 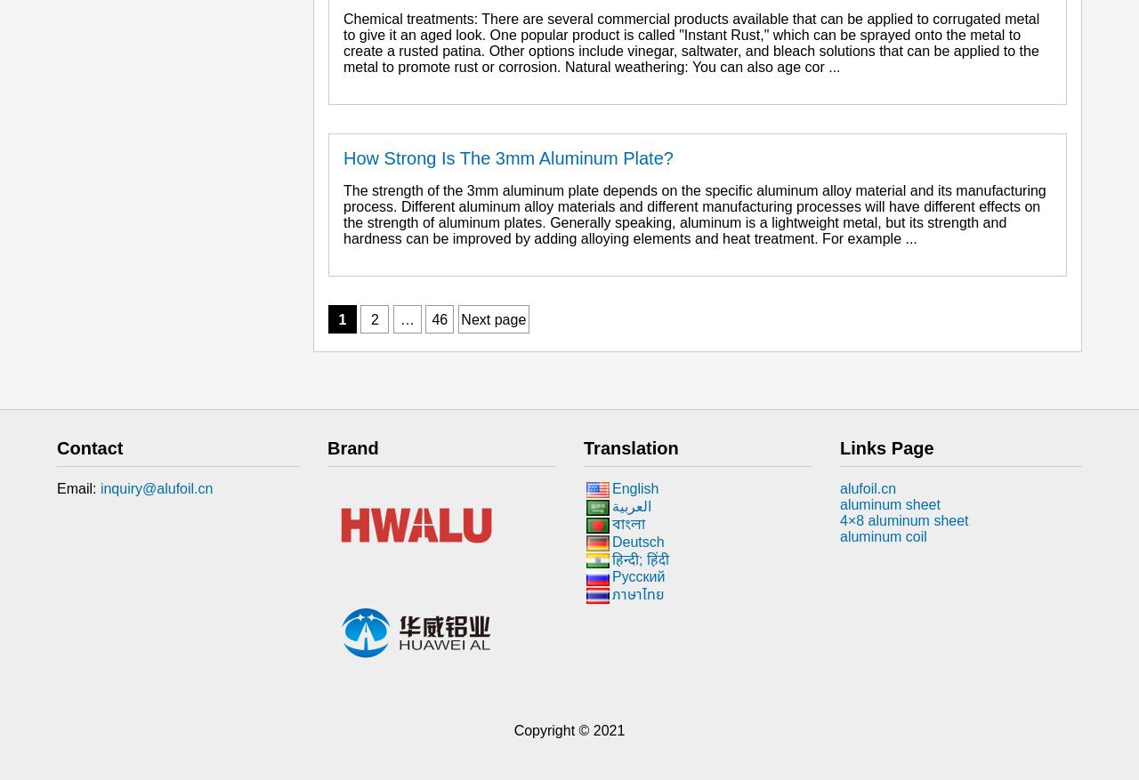 I want to click on 'Copyright © 2021', so click(x=513, y=729).